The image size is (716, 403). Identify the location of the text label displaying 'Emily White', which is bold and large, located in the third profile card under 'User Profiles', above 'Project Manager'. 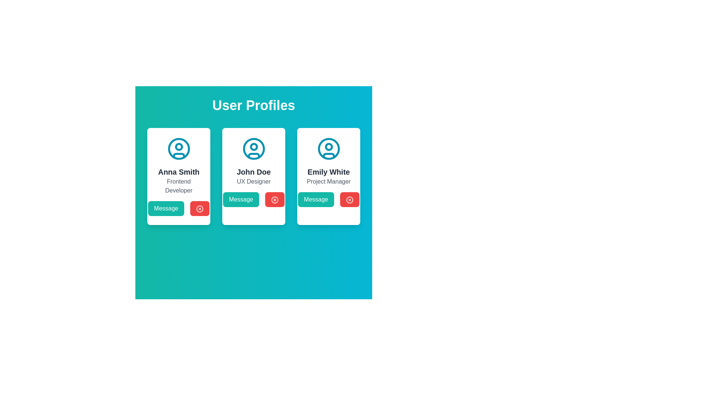
(328, 172).